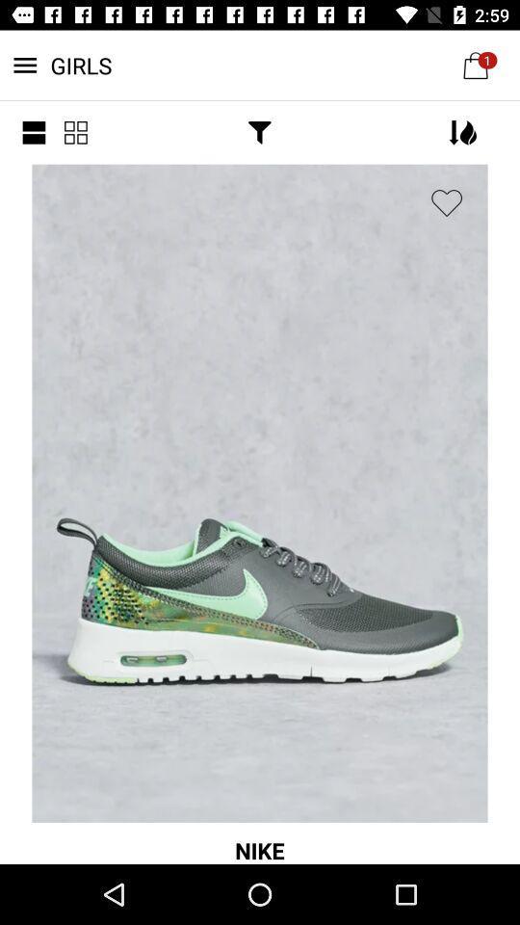 The height and width of the screenshot is (925, 520). Describe the element at coordinates (447, 203) in the screenshot. I see `the heart icon on the image shown above the text nike` at that location.